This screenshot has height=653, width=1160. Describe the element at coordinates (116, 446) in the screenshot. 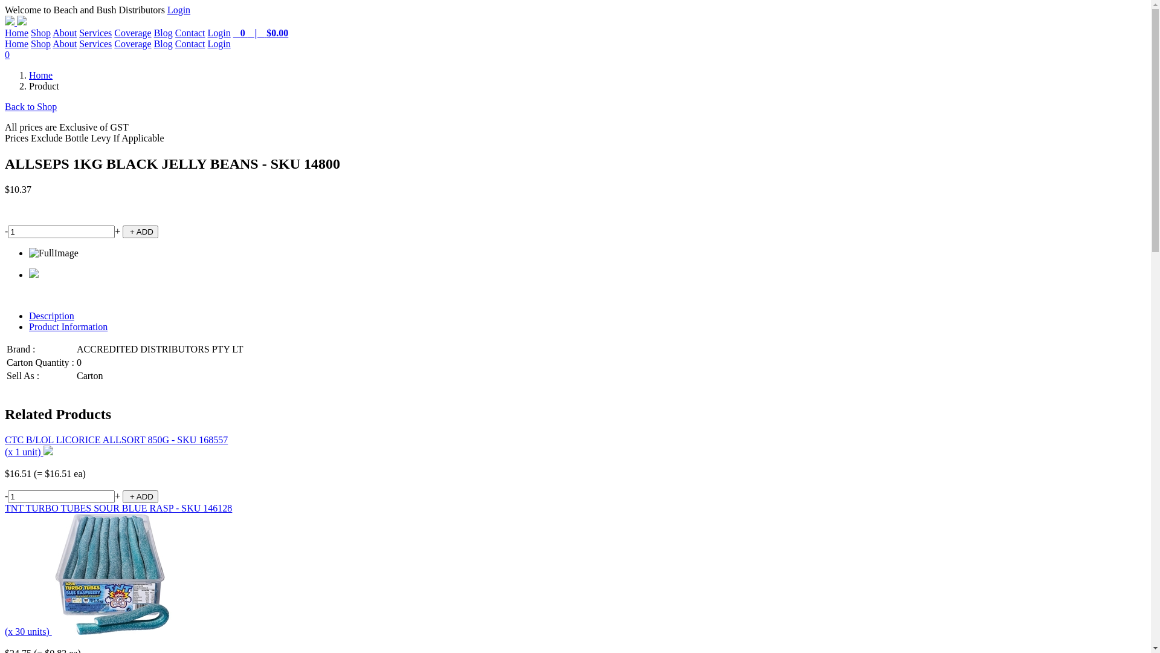

I see `'CTC B/LOL LICORICE ALLSORT 850G - SKU 168557` at that location.